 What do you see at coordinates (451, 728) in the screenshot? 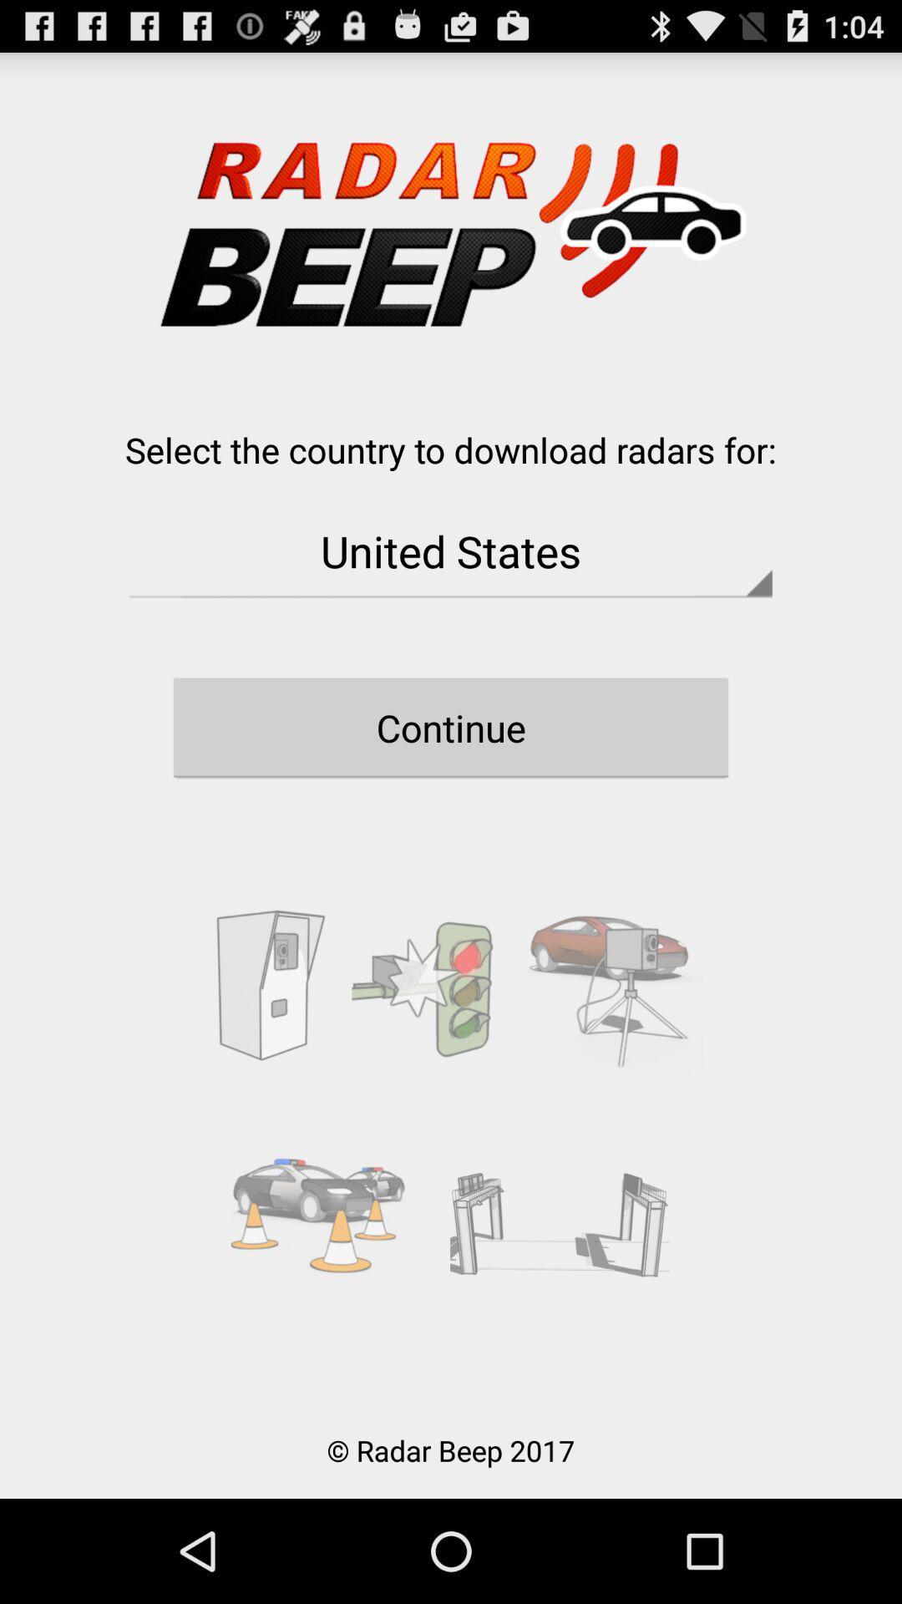
I see `icon below united states button` at bounding box center [451, 728].